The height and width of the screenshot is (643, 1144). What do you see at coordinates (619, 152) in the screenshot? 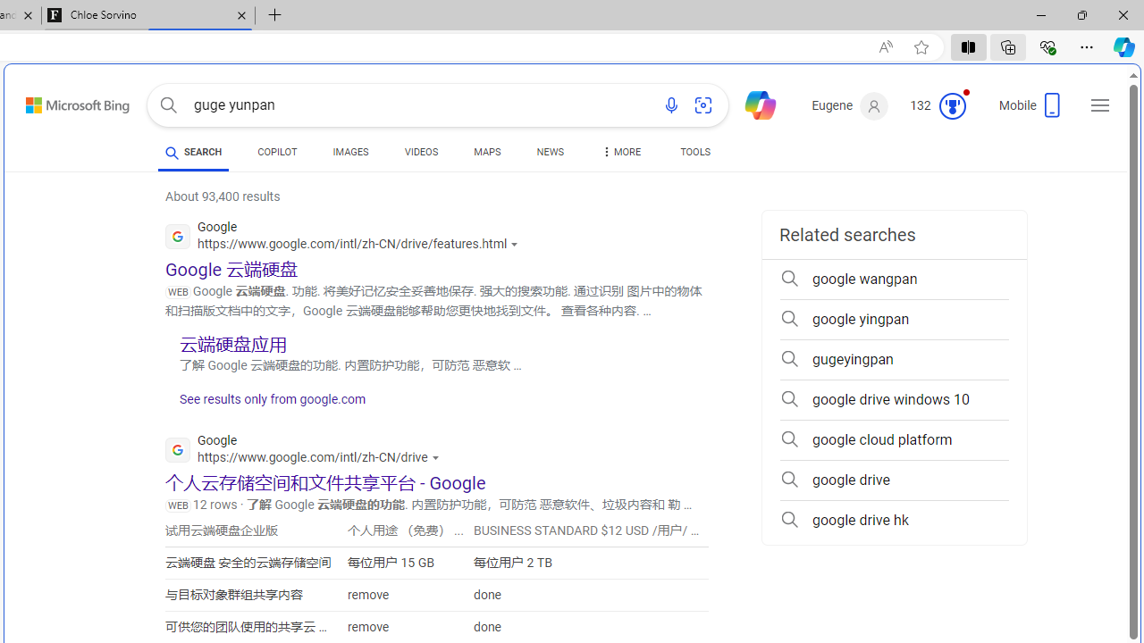
I see `'Dropdown Menu'` at bounding box center [619, 152].